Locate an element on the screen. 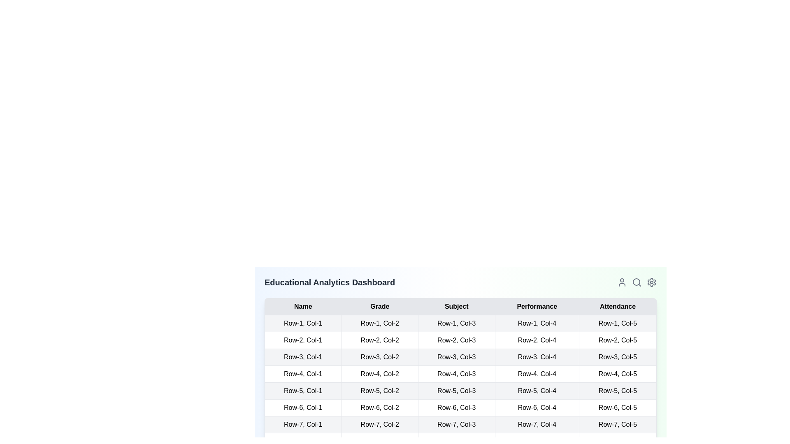 The width and height of the screenshot is (790, 444). the column header Grade to sort the table by that column is located at coordinates (379, 306).